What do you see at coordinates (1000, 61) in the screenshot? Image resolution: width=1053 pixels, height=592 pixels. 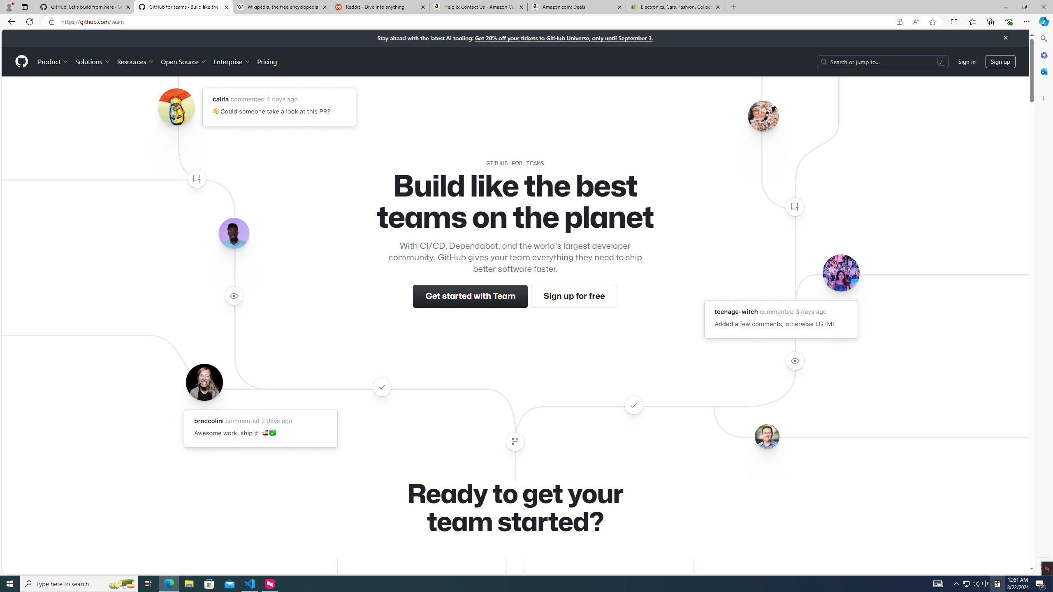 I see `'Sign up'` at bounding box center [1000, 61].